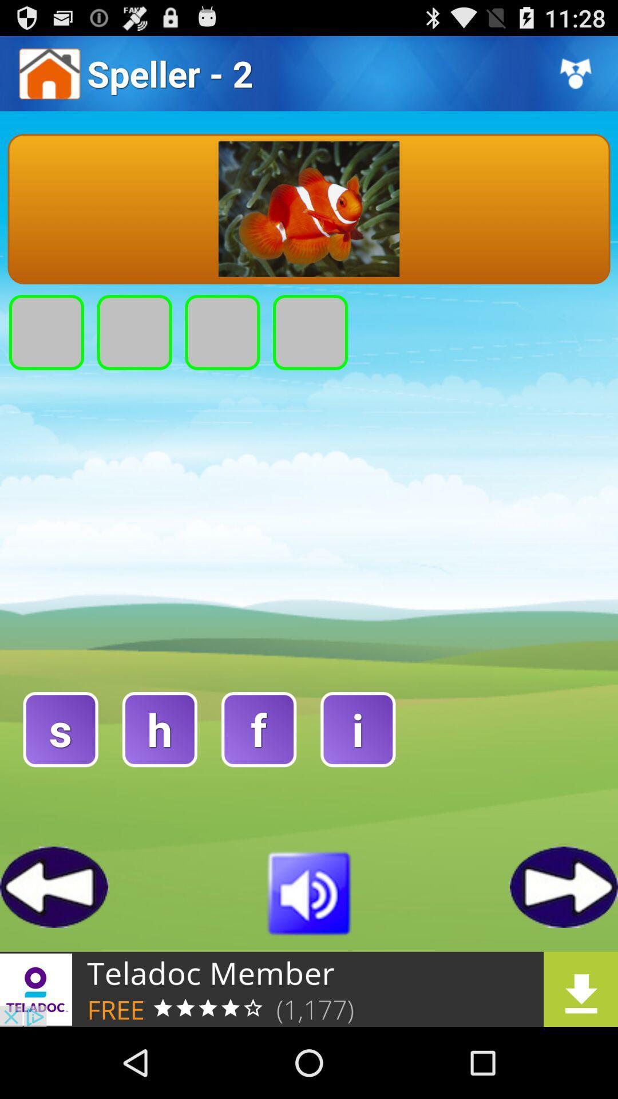 The width and height of the screenshot is (618, 1099). Describe the element at coordinates (563, 886) in the screenshot. I see `next` at that location.